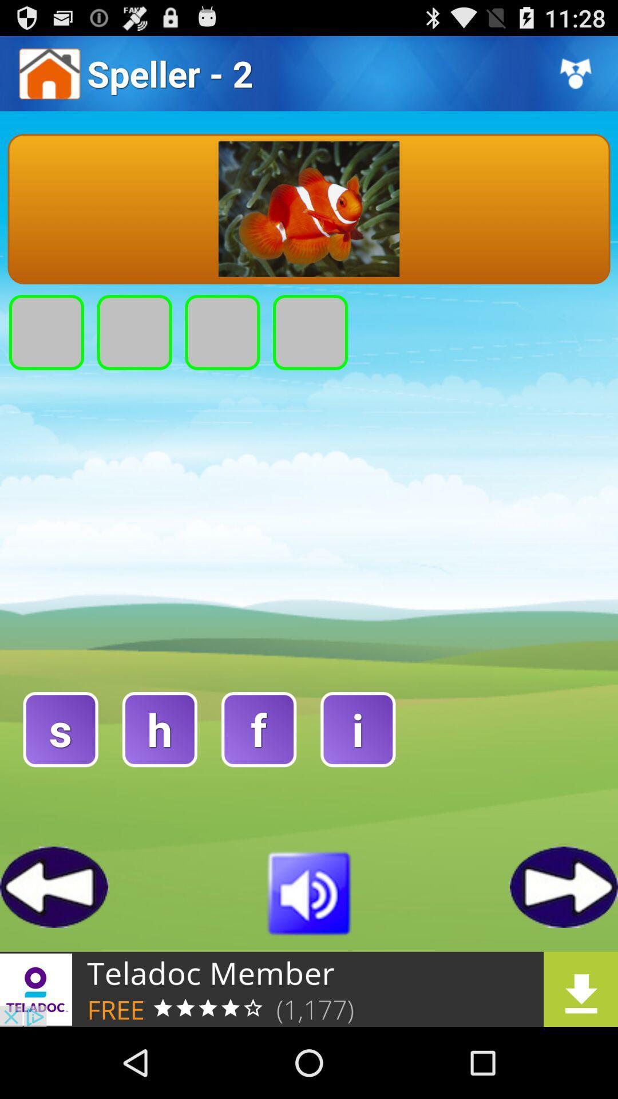 The width and height of the screenshot is (618, 1099). Describe the element at coordinates (563, 886) in the screenshot. I see `next` at that location.